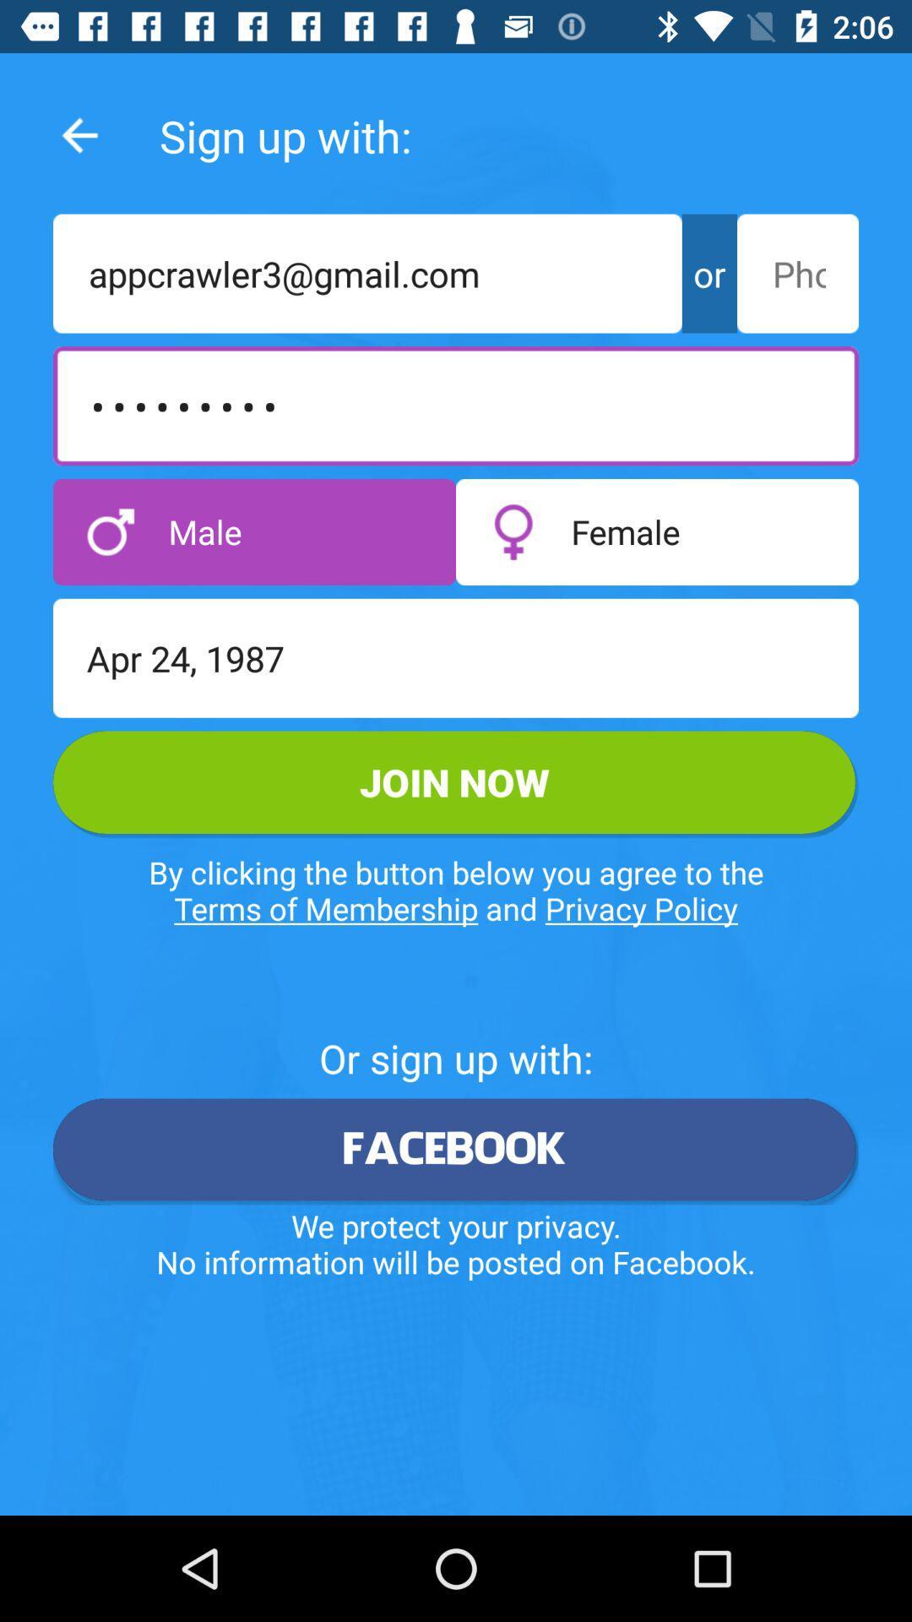  I want to click on the arrow_backward icon, so click(79, 135).